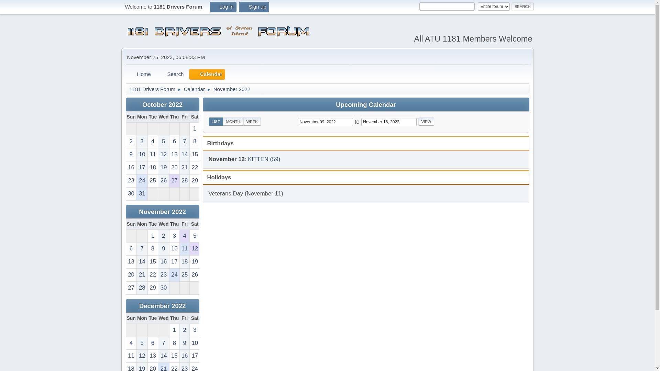 Image resolution: width=660 pixels, height=371 pixels. I want to click on '13', so click(152, 356).